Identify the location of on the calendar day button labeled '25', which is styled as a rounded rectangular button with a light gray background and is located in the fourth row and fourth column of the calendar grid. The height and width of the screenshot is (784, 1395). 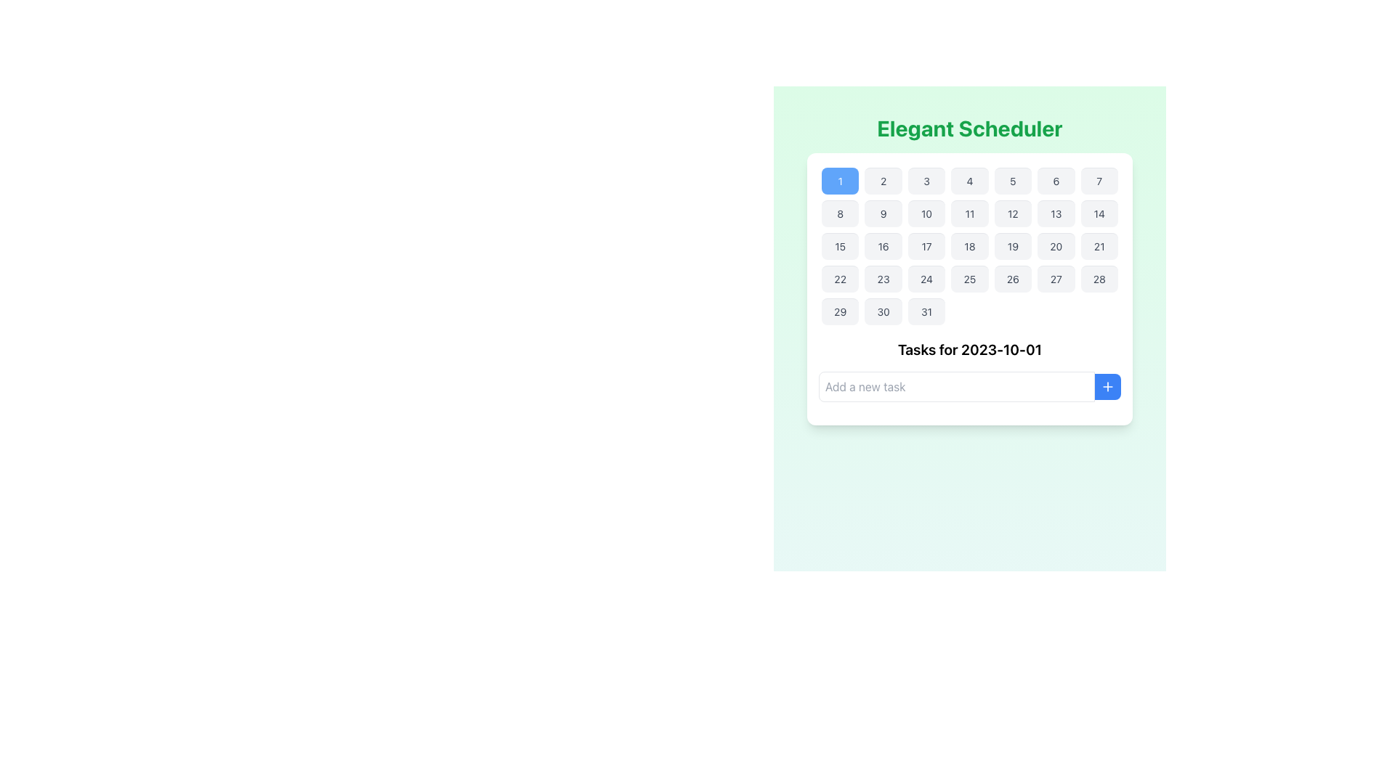
(969, 279).